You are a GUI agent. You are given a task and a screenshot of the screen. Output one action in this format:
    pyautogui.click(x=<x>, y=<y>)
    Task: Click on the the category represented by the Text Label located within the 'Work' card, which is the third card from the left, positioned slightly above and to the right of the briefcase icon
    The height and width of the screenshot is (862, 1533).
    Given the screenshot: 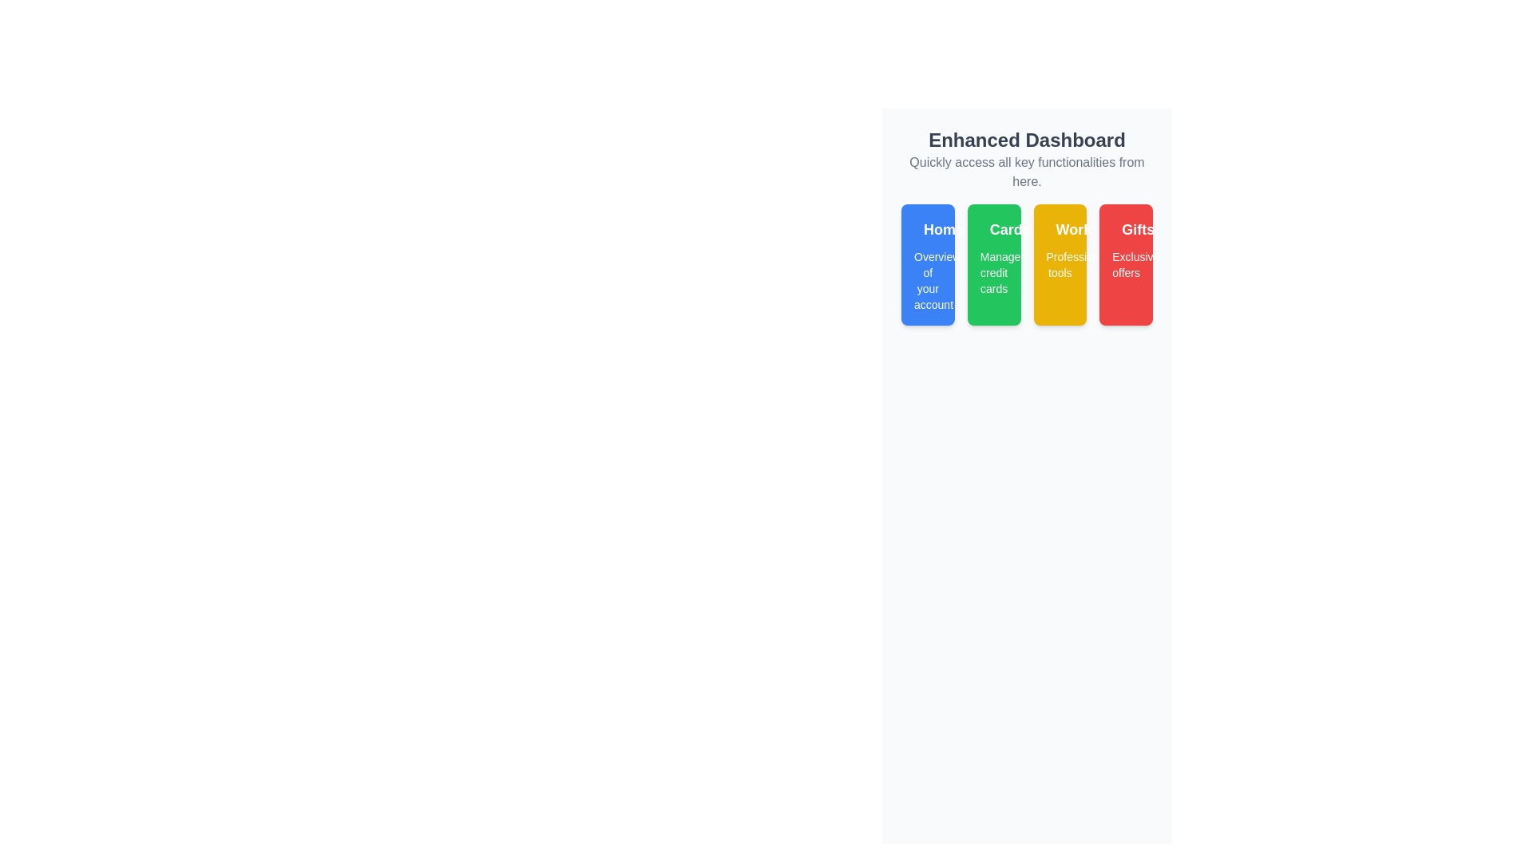 What is the action you would take?
    pyautogui.click(x=1060, y=230)
    